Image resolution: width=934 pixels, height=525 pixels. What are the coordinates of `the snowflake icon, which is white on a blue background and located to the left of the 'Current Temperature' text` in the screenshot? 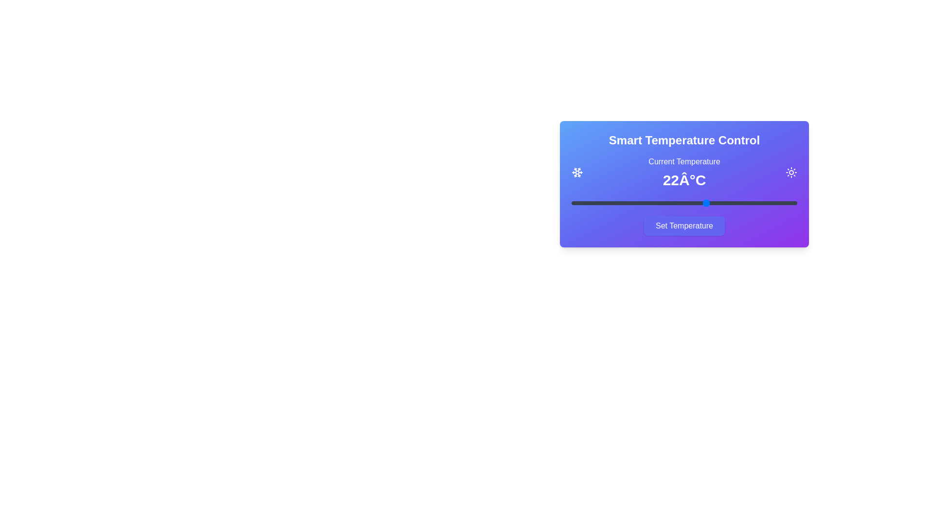 It's located at (577, 172).